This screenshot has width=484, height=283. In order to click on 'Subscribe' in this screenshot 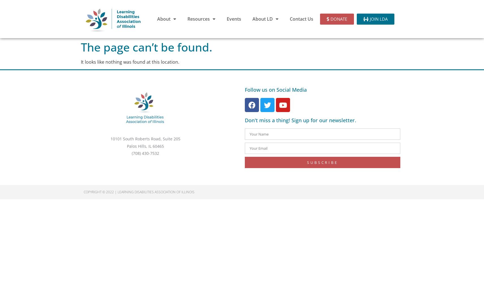, I will do `click(322, 162)`.